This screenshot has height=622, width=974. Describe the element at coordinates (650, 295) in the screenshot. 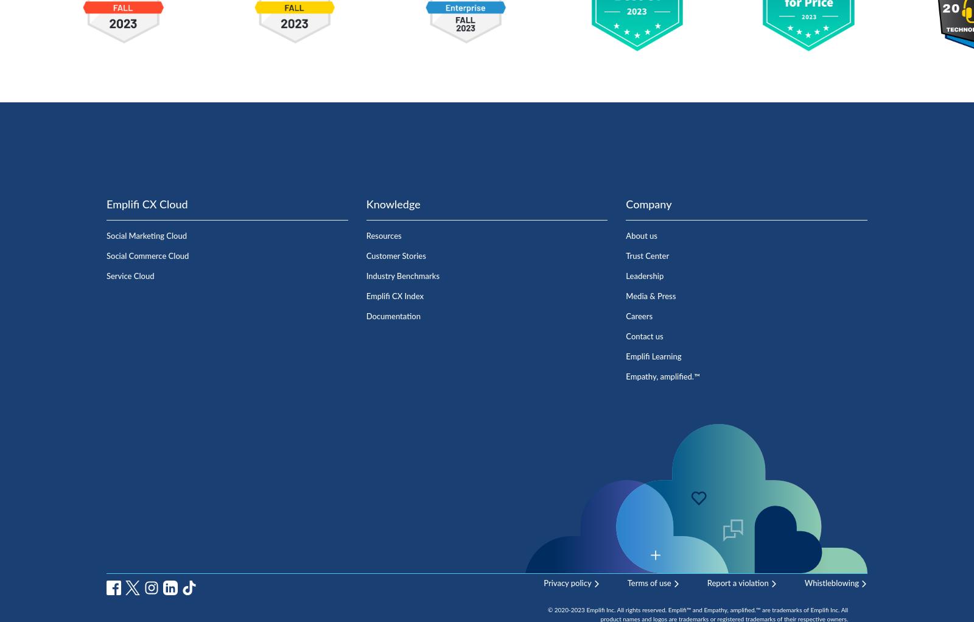

I see `'Media & Press'` at that location.